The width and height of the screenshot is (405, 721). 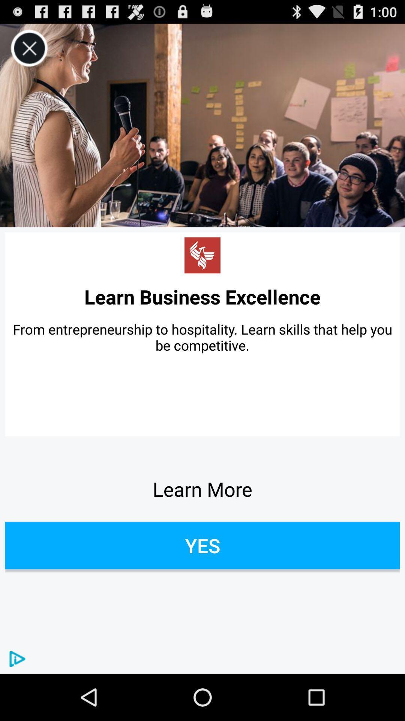 I want to click on the arrow_backward icon, so click(x=202, y=273).